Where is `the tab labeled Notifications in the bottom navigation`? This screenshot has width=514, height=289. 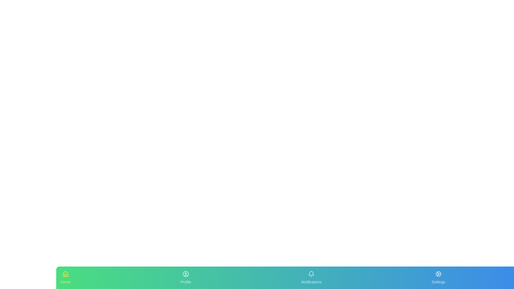 the tab labeled Notifications in the bottom navigation is located at coordinates (311, 277).